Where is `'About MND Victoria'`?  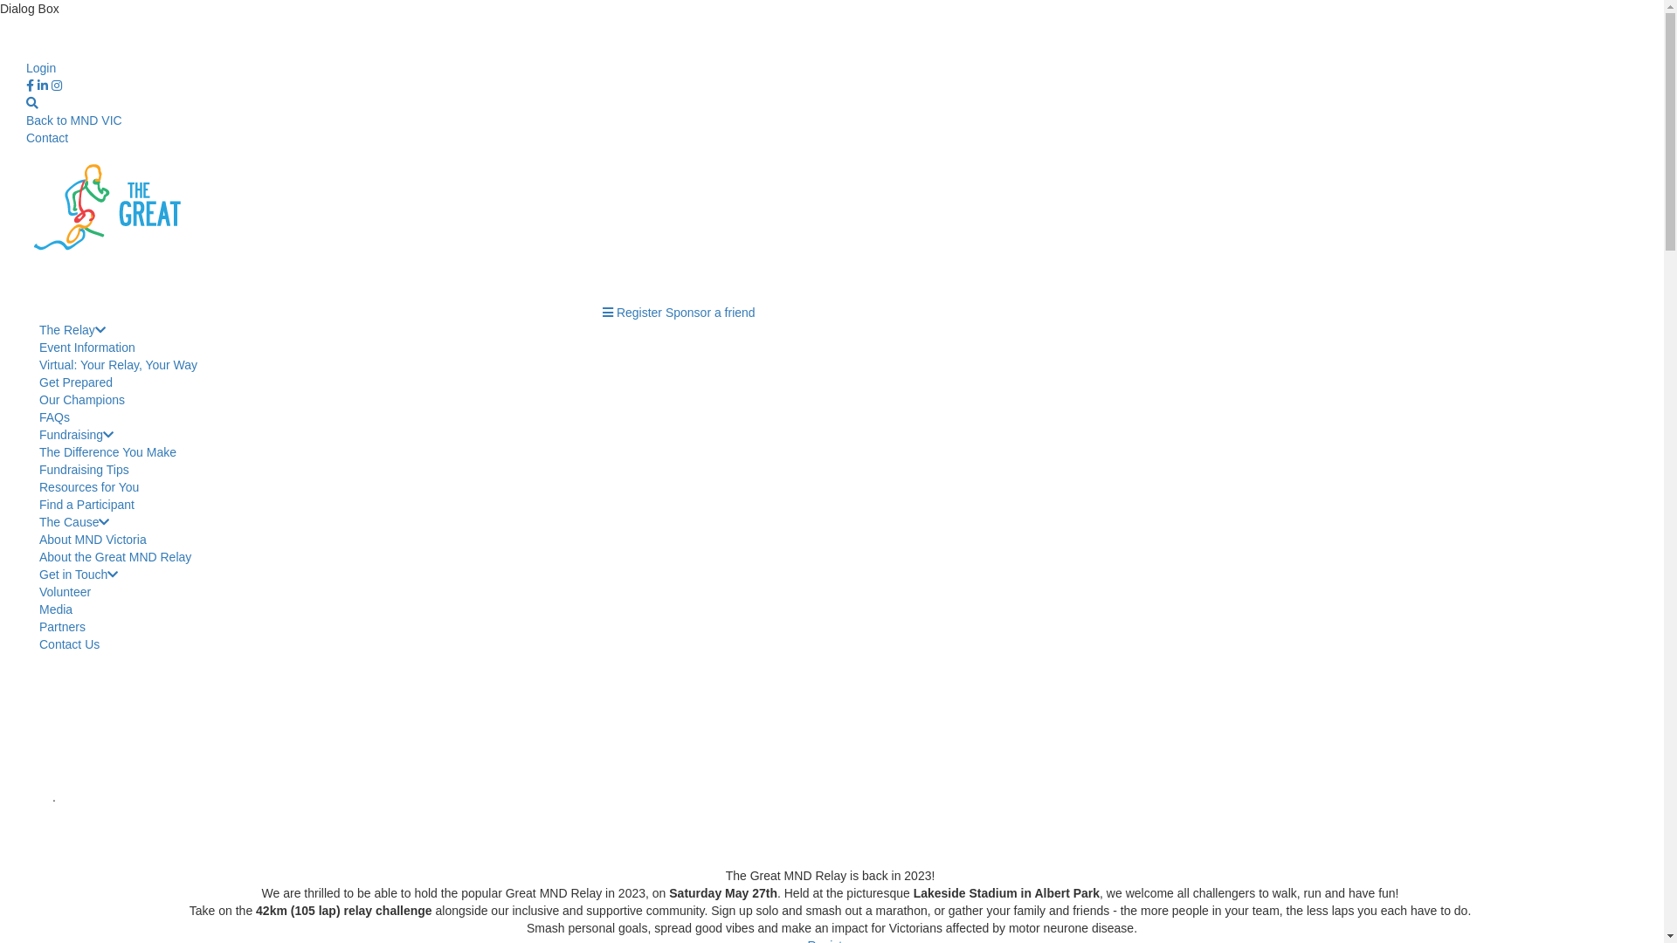
'About MND Victoria' is located at coordinates (92, 538).